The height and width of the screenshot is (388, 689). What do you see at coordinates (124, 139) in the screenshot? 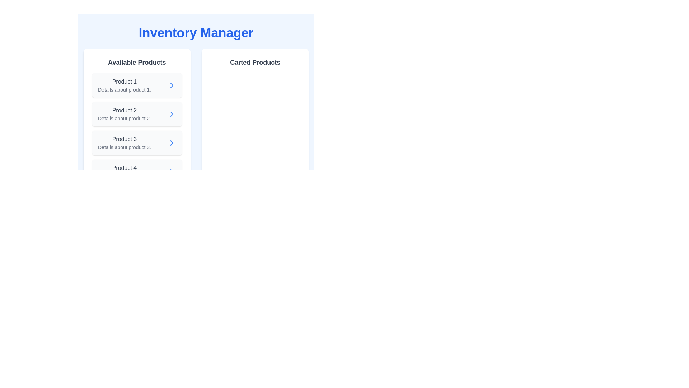
I see `the static text label displaying 'Product 3', which is styled in medium gray font on a light background and is located above the description for 'Details about product 3'` at bounding box center [124, 139].